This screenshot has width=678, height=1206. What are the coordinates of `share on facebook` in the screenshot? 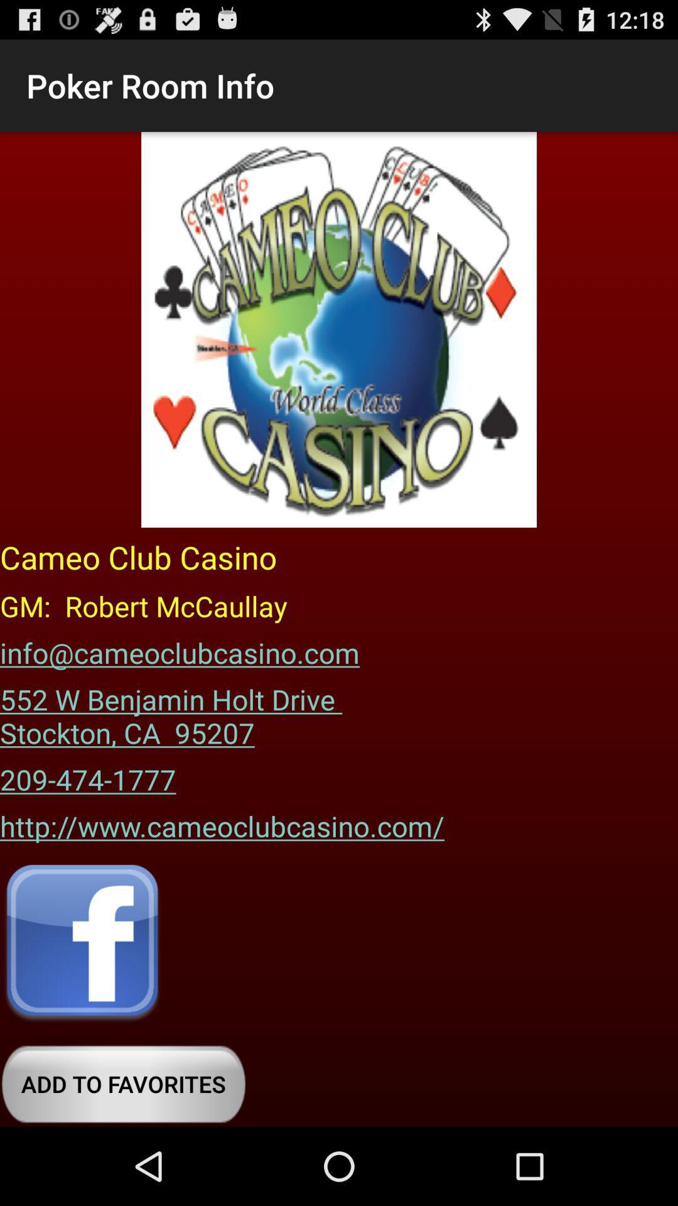 It's located at (82, 943).